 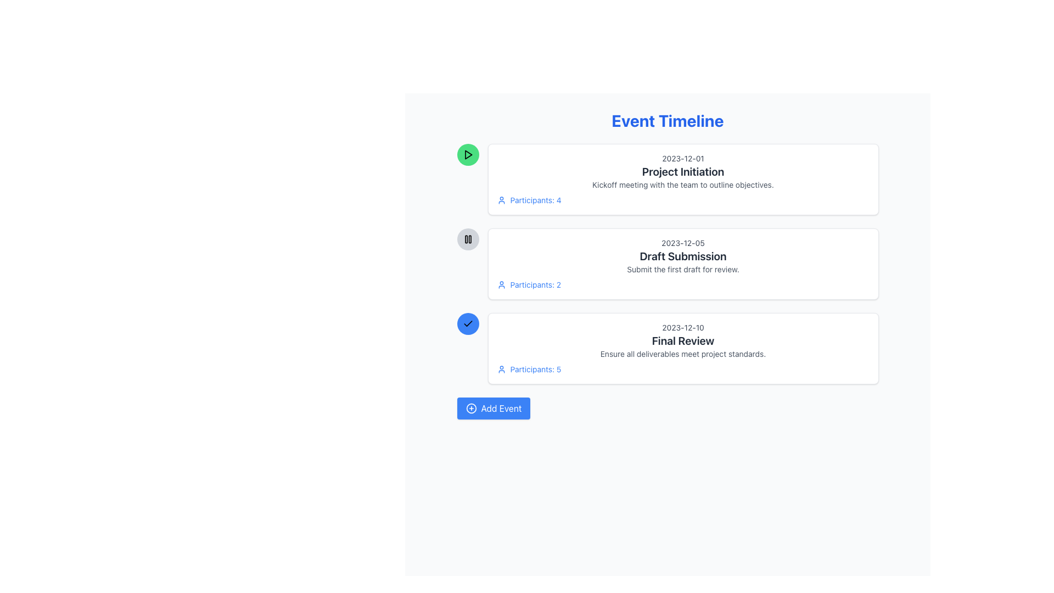 What do you see at coordinates (667, 120) in the screenshot?
I see `the header element styled in a bold and large blue font with the text 'Event Timeline' at the top center of the interface` at bounding box center [667, 120].